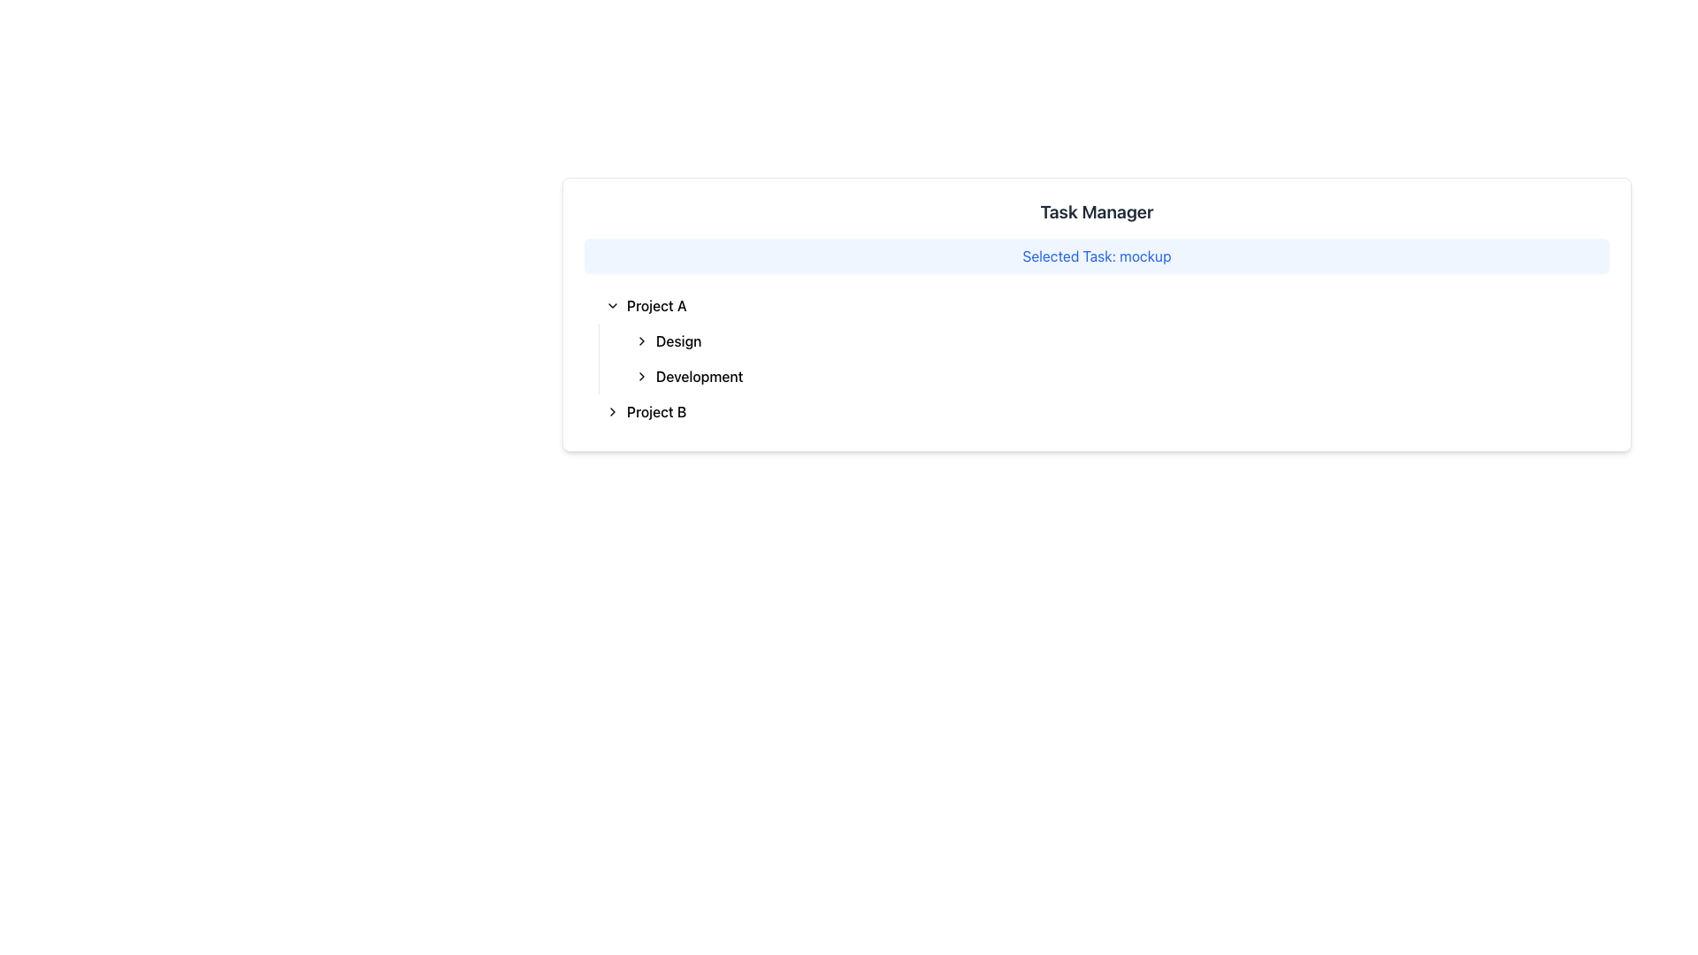  I want to click on the chevron icon to trigger the tooltip related to 'Project A' expansion or collapse, so click(612, 305).